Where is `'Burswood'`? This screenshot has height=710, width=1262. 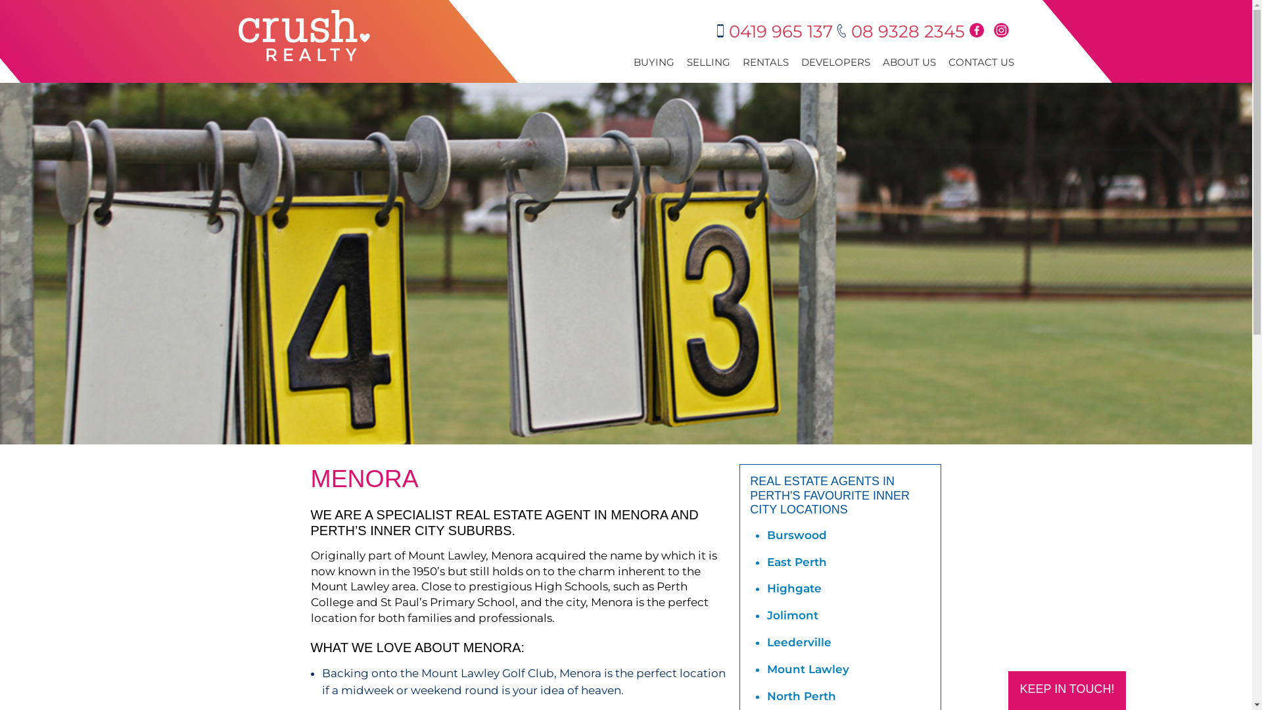 'Burswood' is located at coordinates (796, 534).